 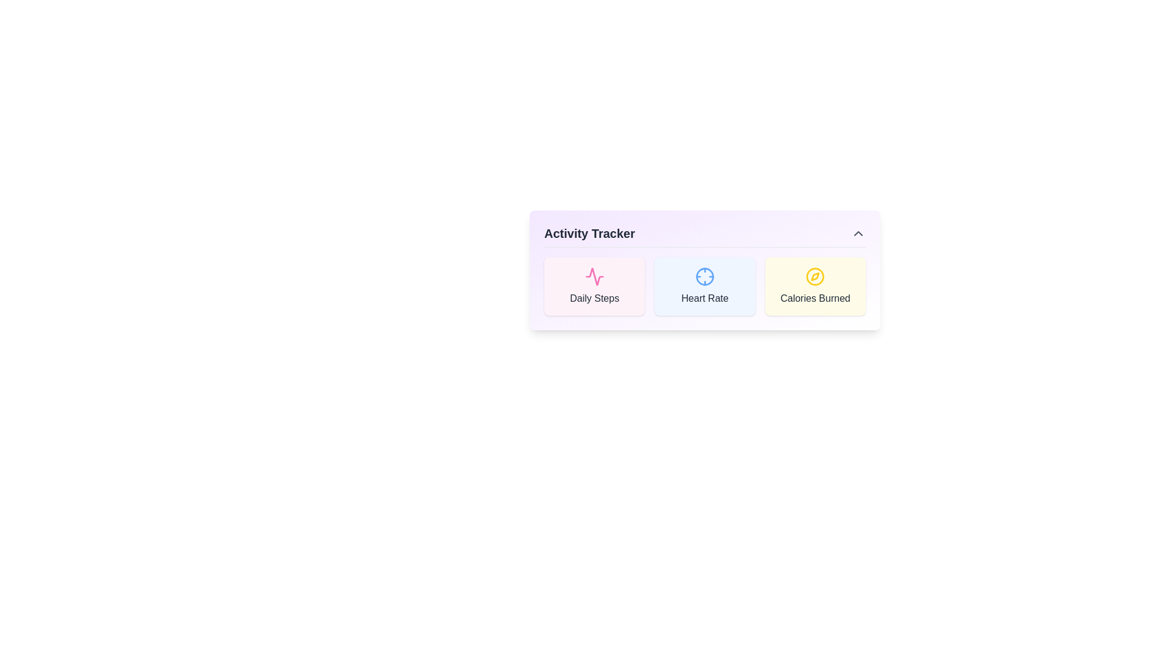 What do you see at coordinates (815, 277) in the screenshot?
I see `the compass needle icon, which is styled in yellow and located within the 'Activity Tracker' panel under 'Calories Burned'` at bounding box center [815, 277].